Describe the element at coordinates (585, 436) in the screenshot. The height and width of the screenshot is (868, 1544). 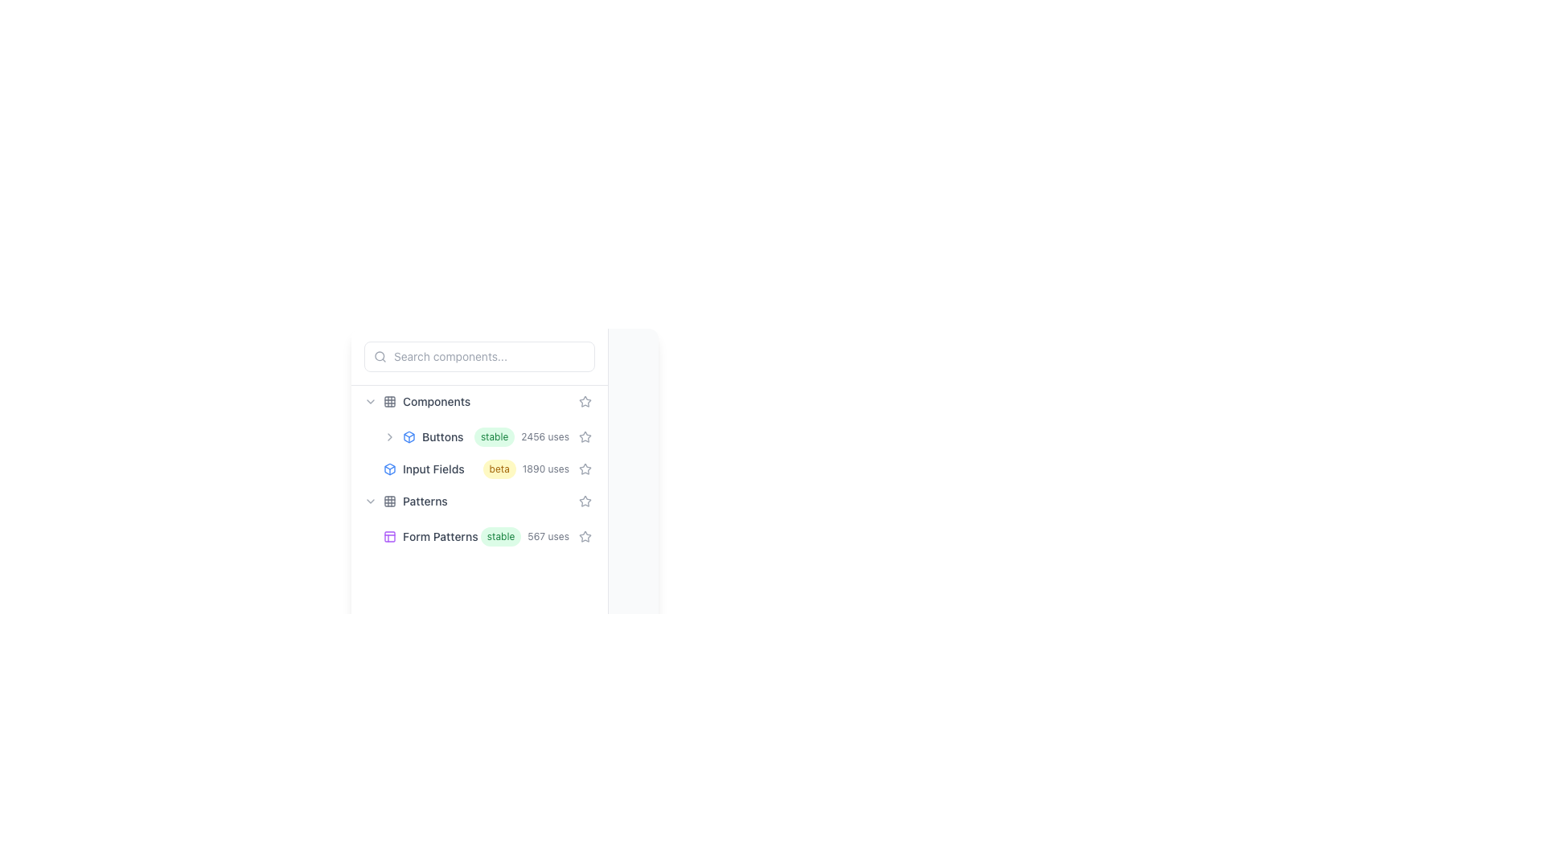
I see `the outlined star icon located in the middle-right of the 'Buttons' list item in the left menu panel` at that location.